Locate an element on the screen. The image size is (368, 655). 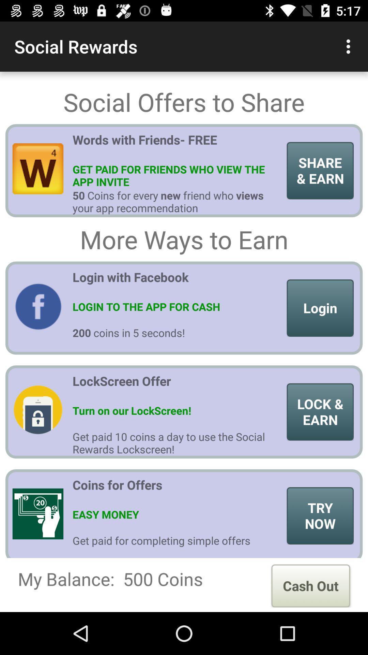
item to the left of the share & earn item is located at coordinates (177, 146).